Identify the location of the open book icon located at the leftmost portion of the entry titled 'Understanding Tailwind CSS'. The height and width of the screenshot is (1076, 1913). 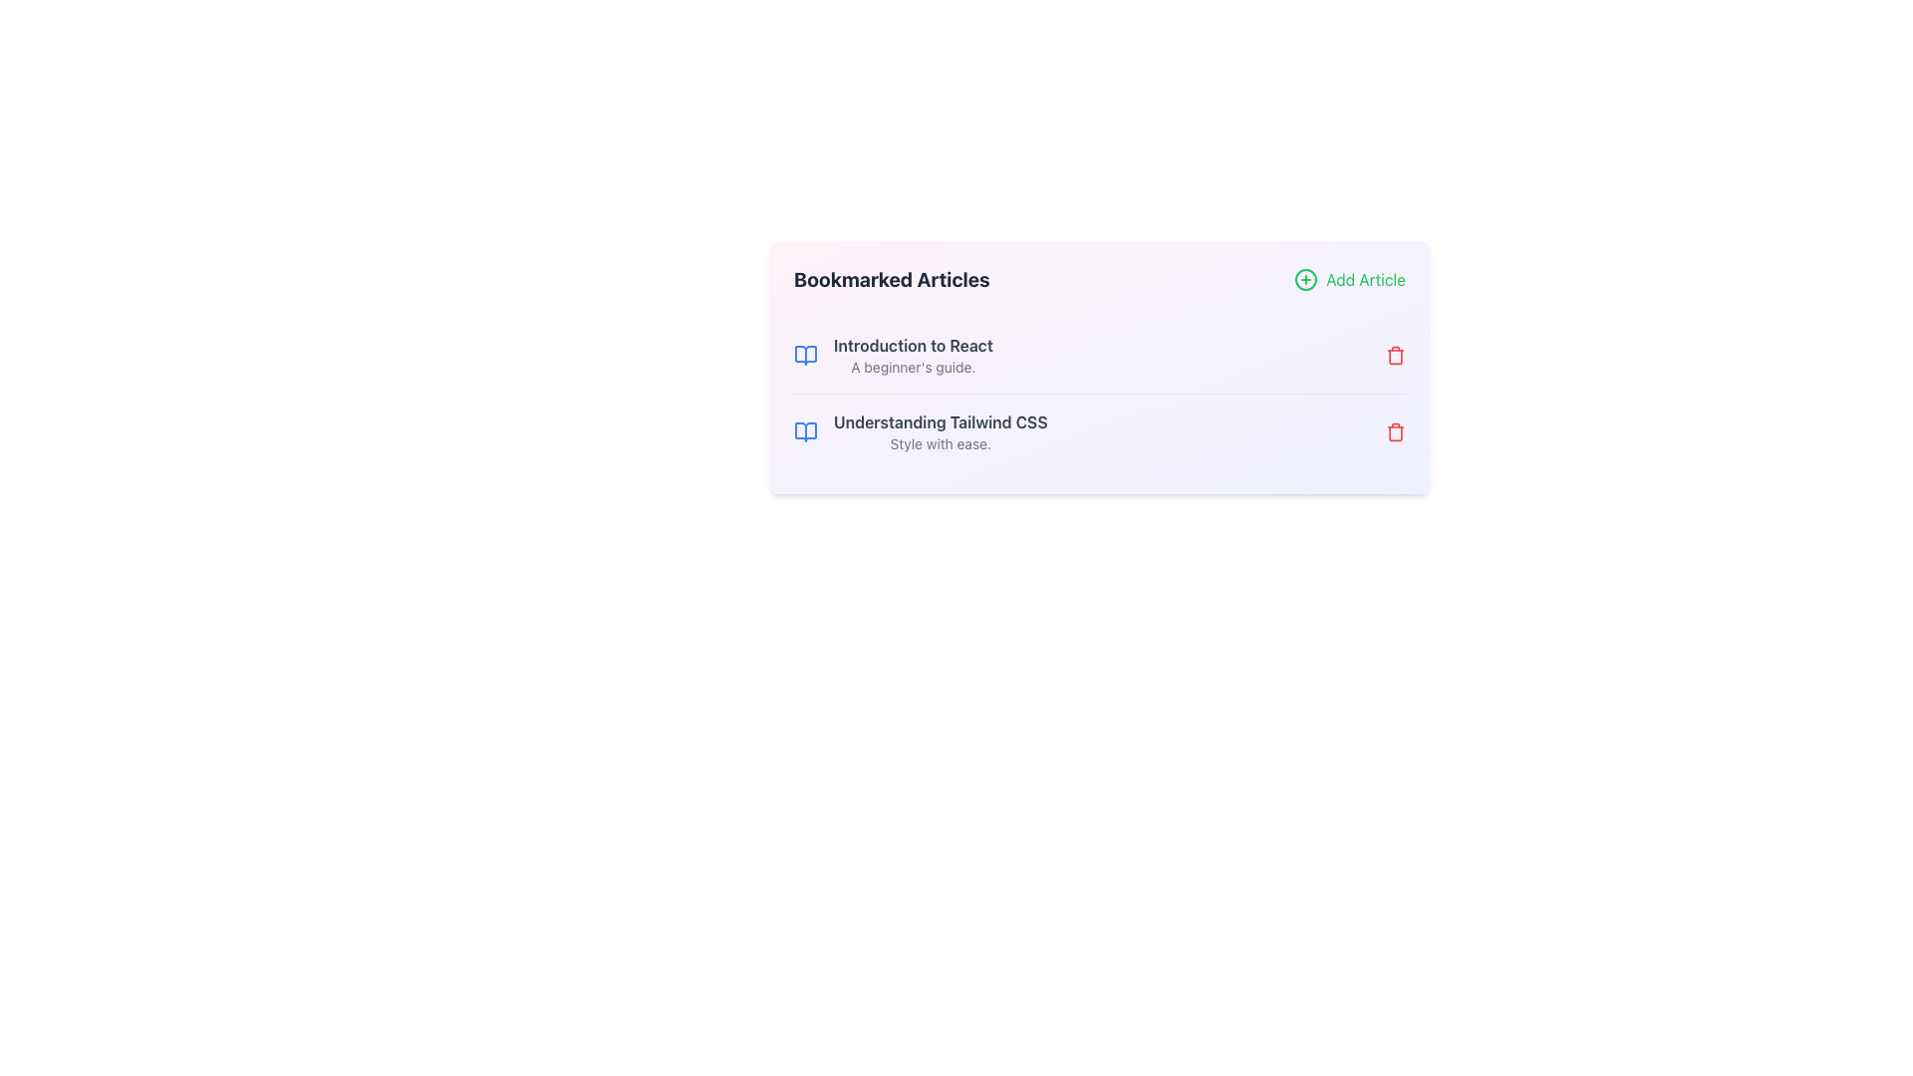
(806, 431).